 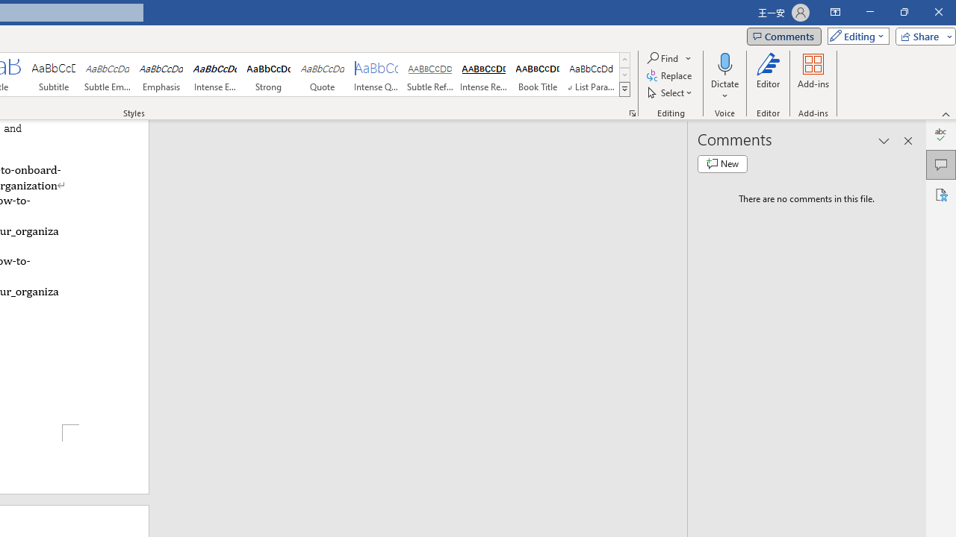 What do you see at coordinates (669, 75) in the screenshot?
I see `'Replace...'` at bounding box center [669, 75].